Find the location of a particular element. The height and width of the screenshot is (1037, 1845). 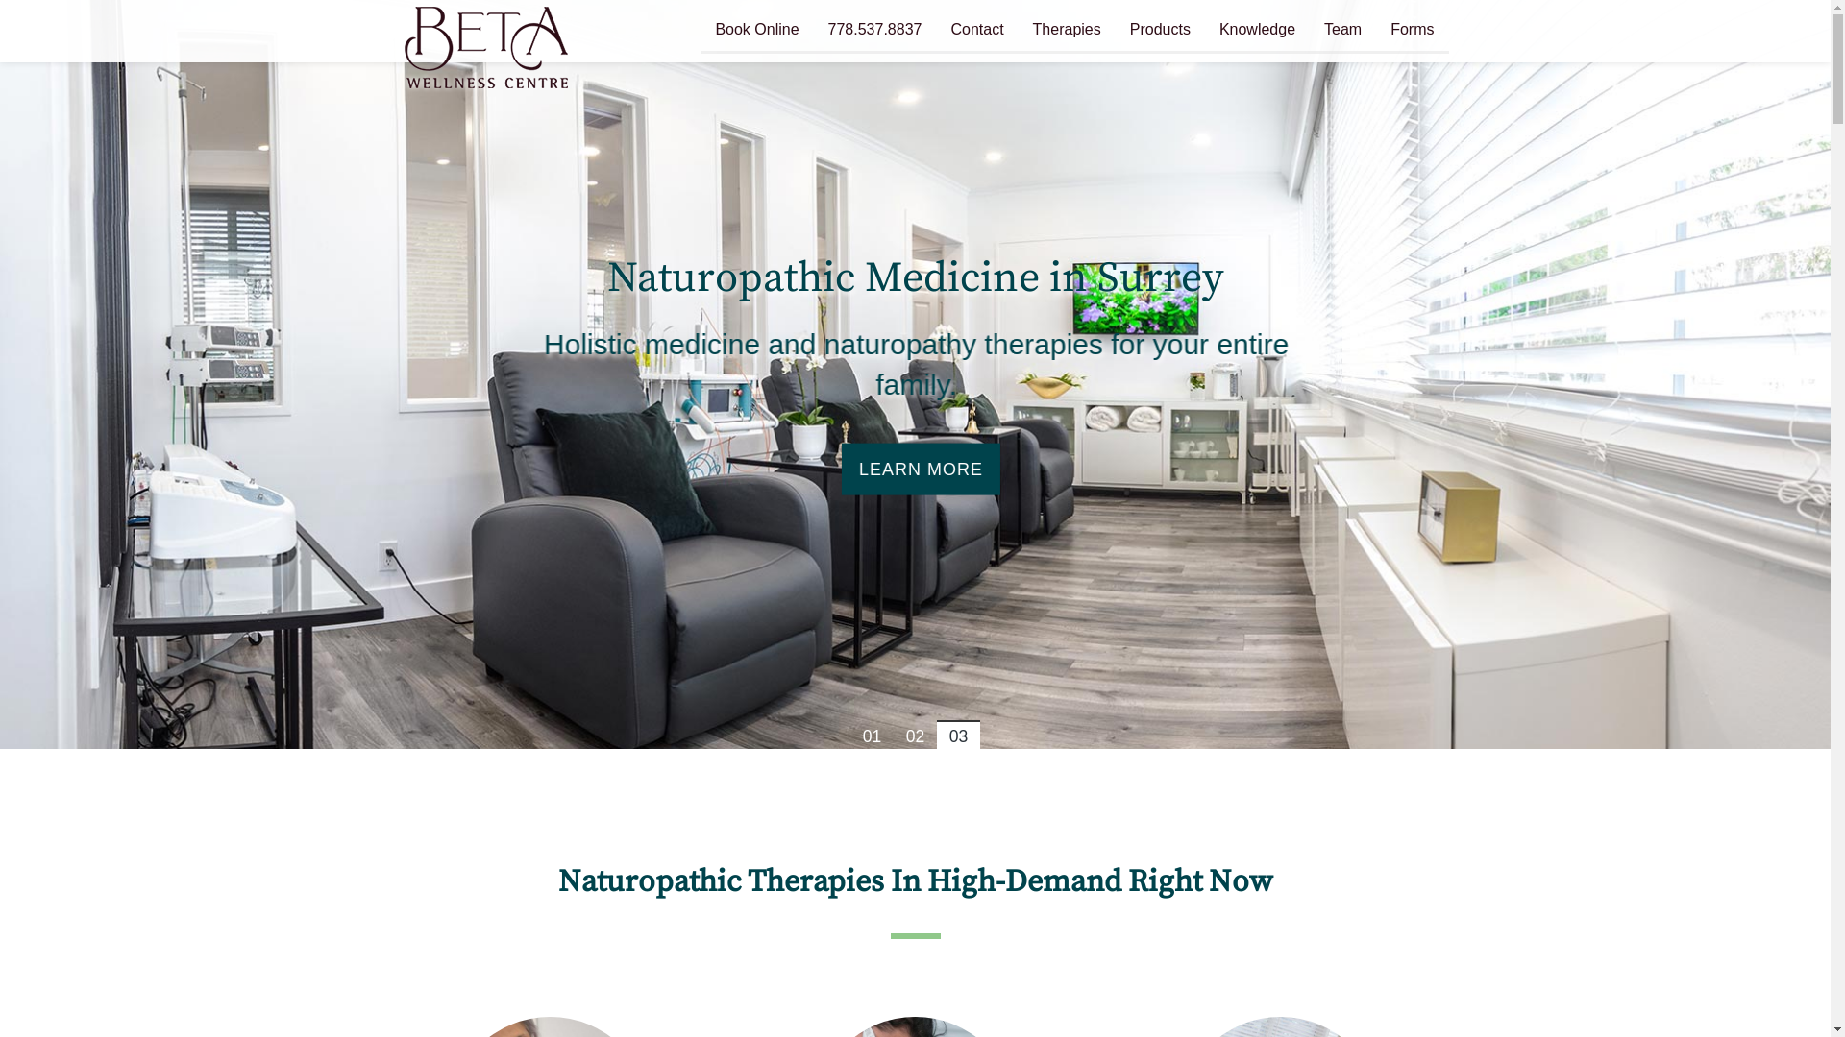

'Contact' is located at coordinates (976, 32).